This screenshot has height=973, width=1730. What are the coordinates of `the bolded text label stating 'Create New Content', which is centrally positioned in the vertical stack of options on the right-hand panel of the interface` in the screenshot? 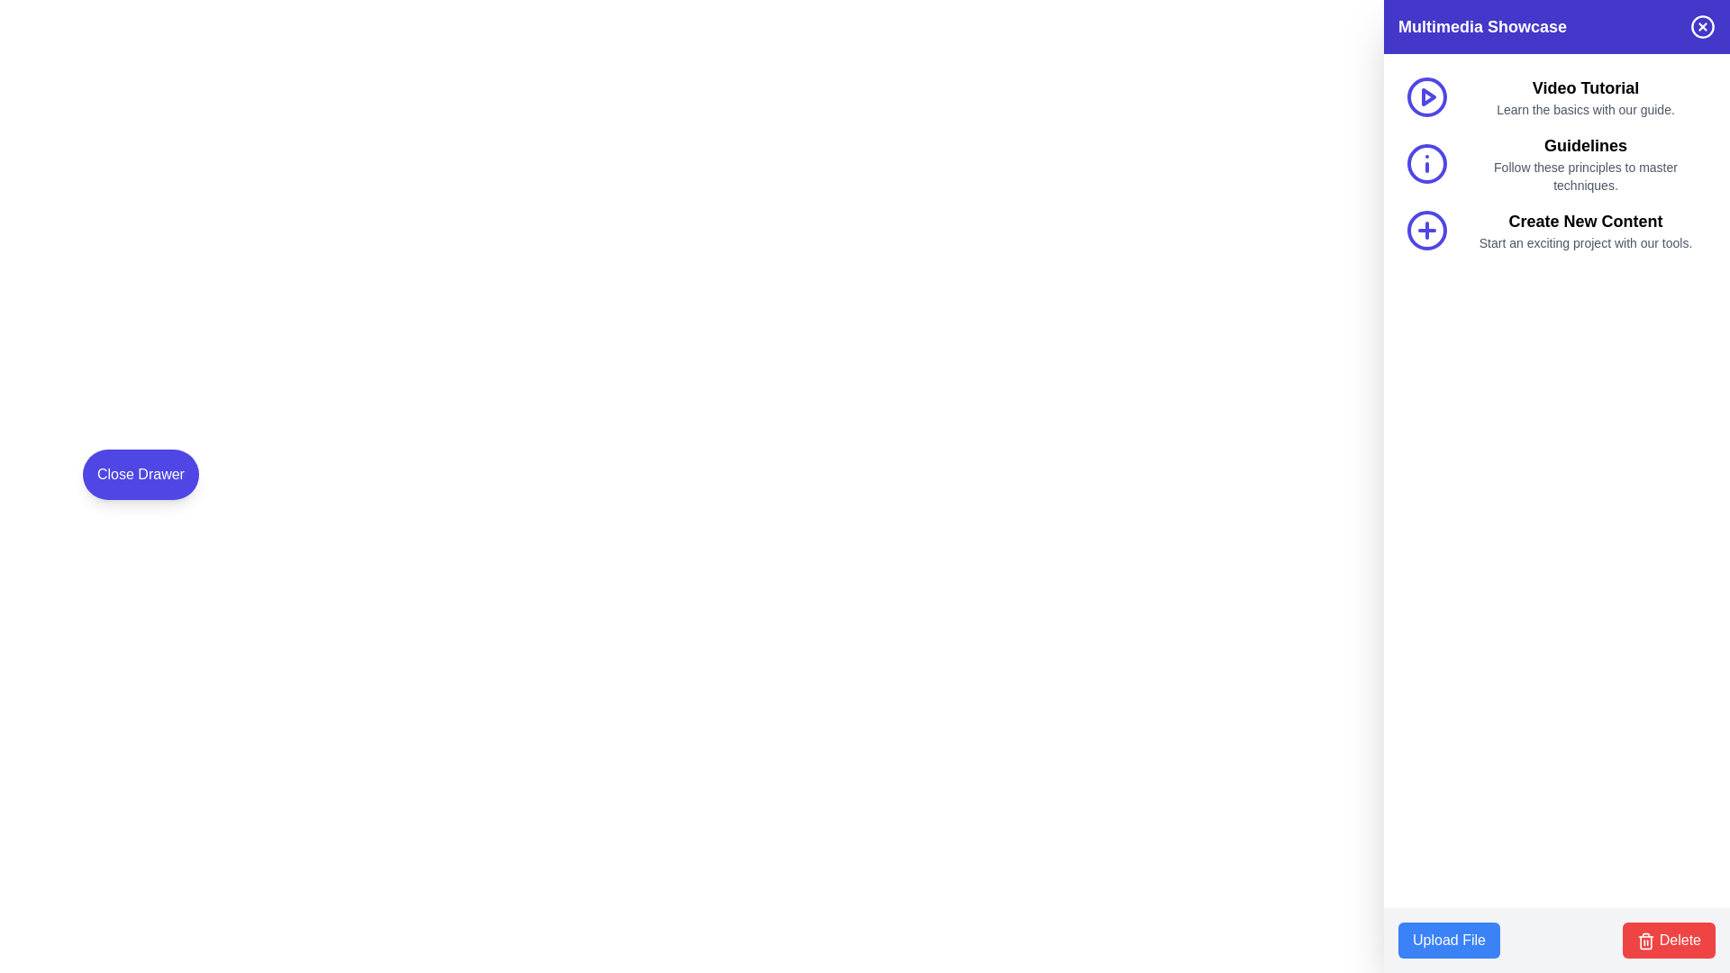 It's located at (1586, 221).